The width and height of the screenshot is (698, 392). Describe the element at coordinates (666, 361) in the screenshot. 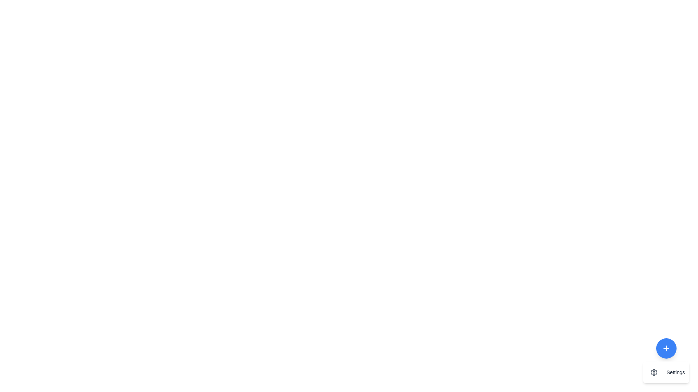

I see `the blue '+' button at the bottom-right corner of the interface` at that location.